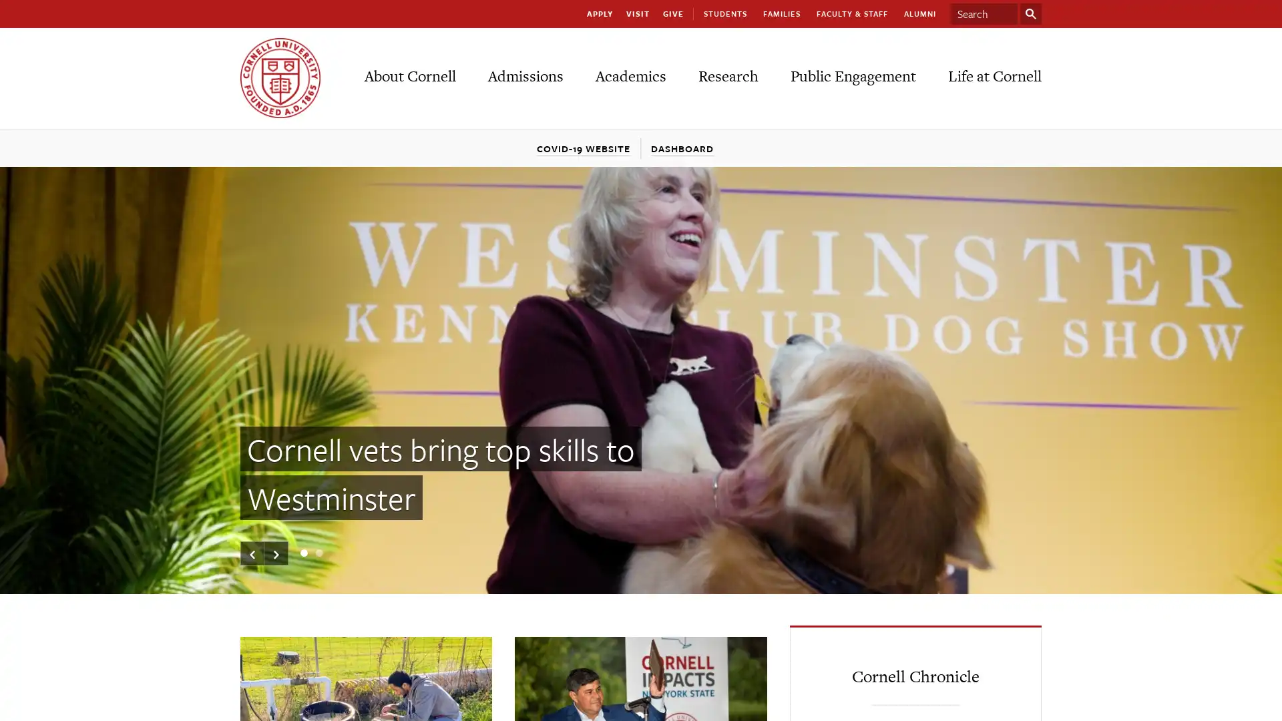  I want to click on Next slide, so click(275, 553).